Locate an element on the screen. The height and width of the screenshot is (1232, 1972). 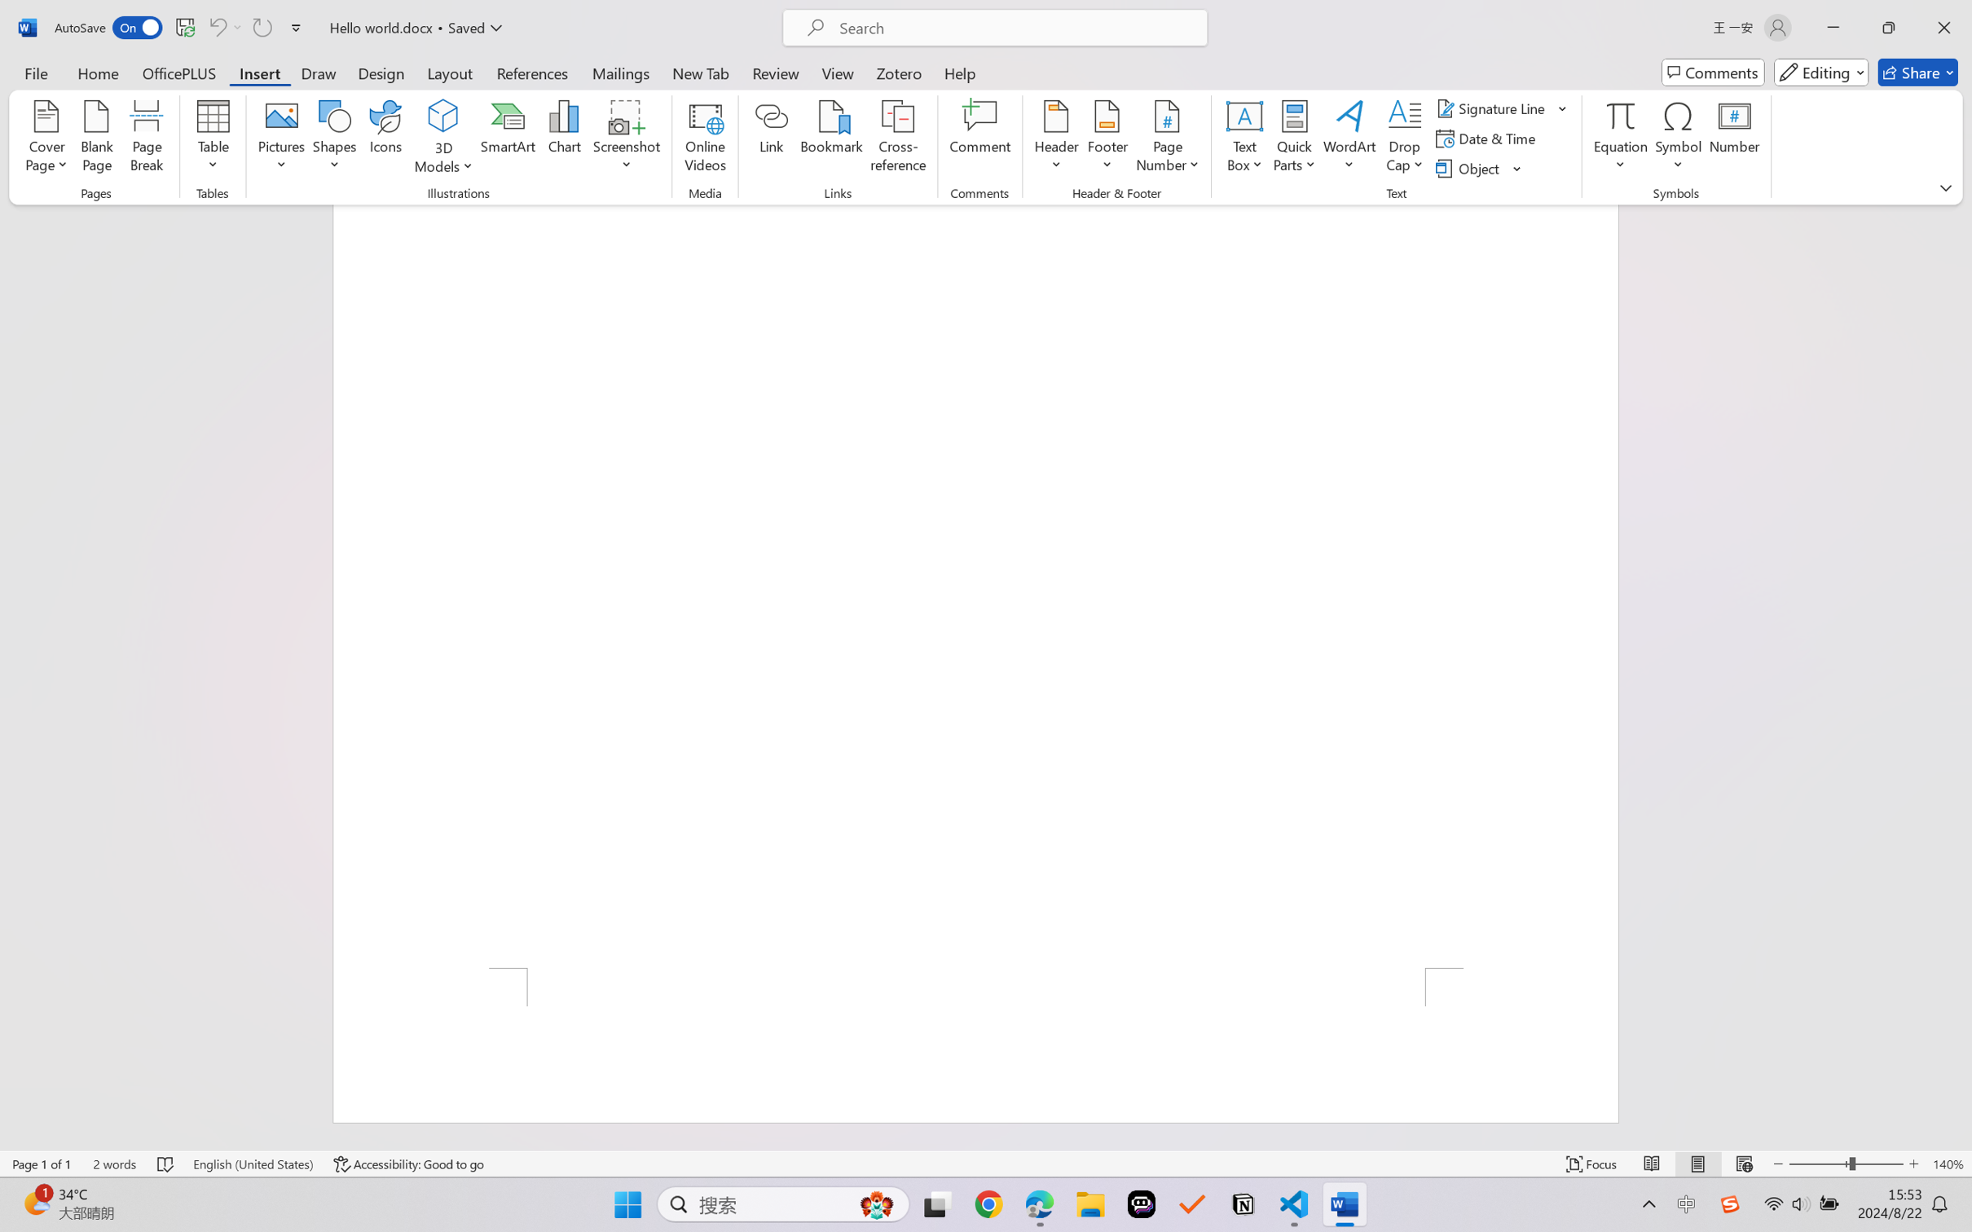
'Help' is located at coordinates (959, 72).